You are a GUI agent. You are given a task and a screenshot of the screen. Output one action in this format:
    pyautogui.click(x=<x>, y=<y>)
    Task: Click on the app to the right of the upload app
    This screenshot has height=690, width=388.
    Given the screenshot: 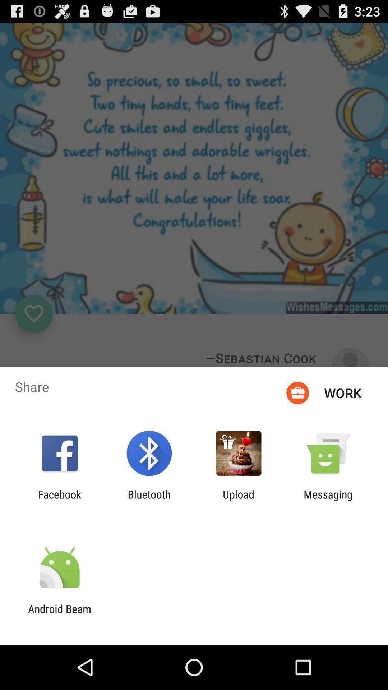 What is the action you would take?
    pyautogui.click(x=328, y=500)
    